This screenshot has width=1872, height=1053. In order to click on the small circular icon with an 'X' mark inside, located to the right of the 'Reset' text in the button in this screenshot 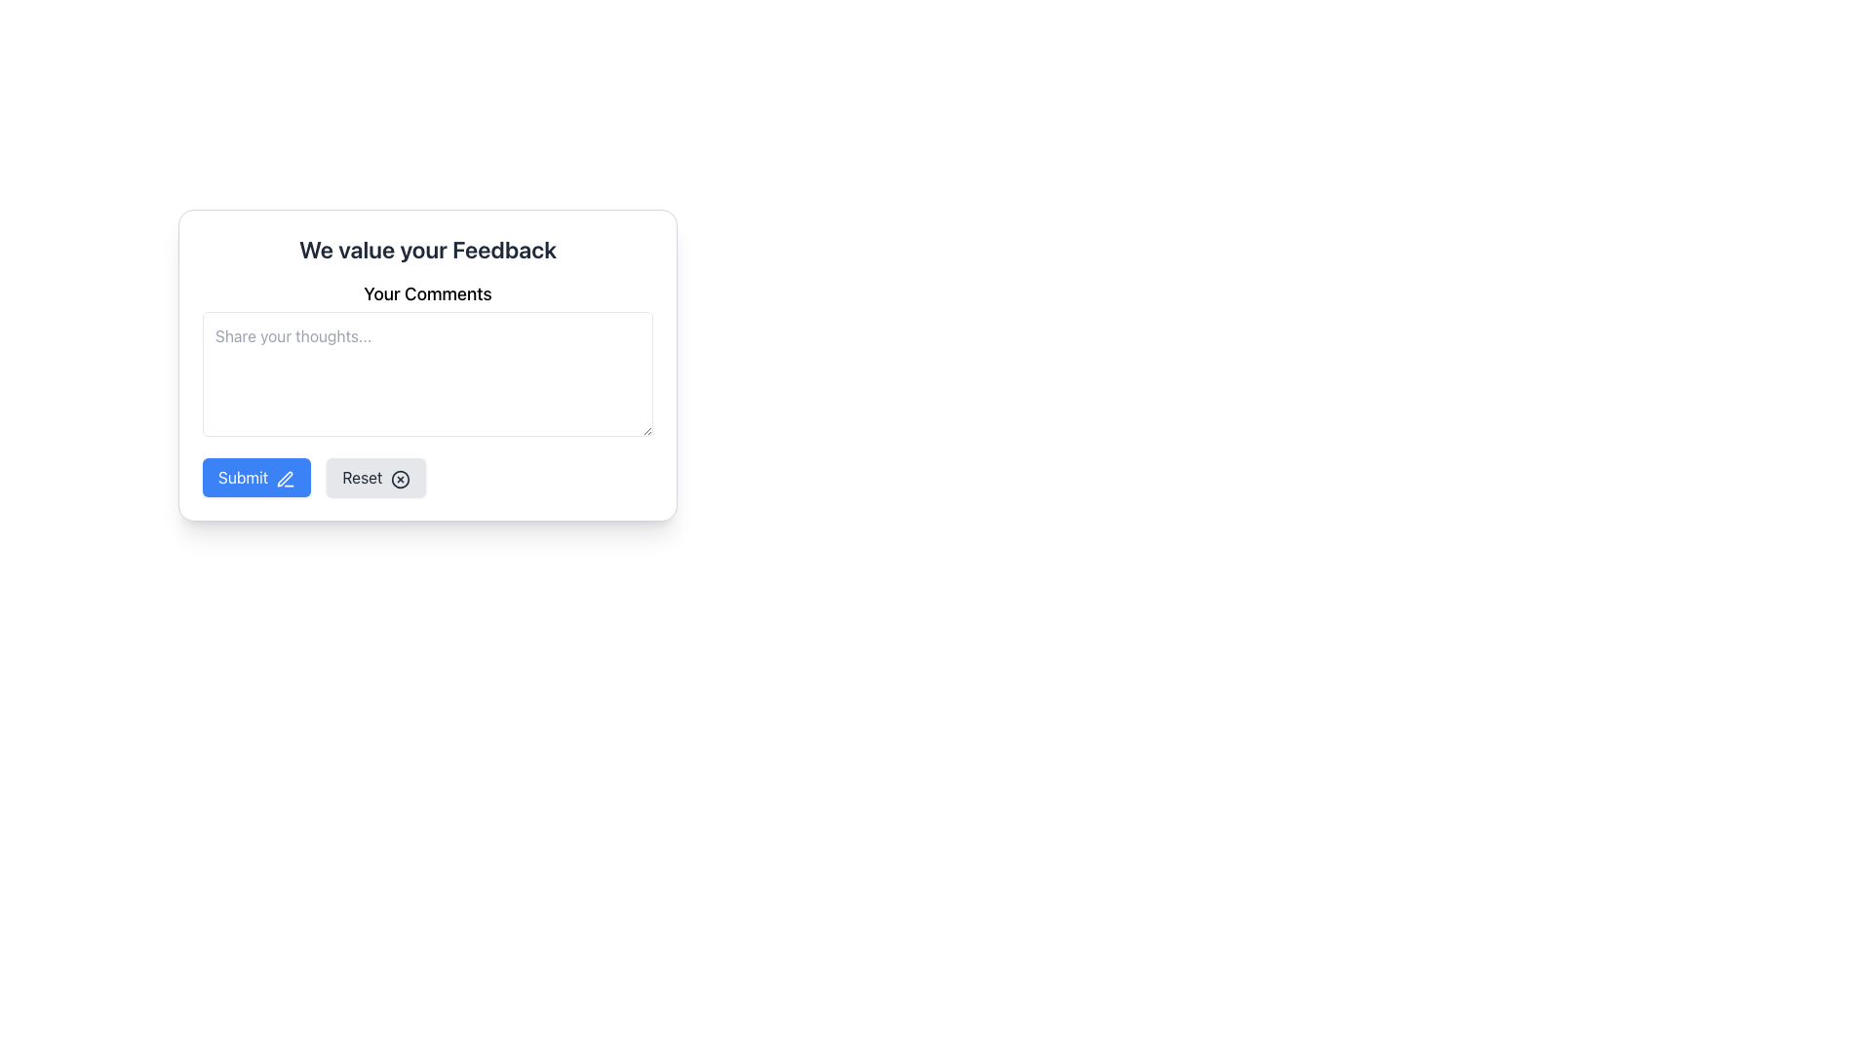, I will do `click(399, 479)`.